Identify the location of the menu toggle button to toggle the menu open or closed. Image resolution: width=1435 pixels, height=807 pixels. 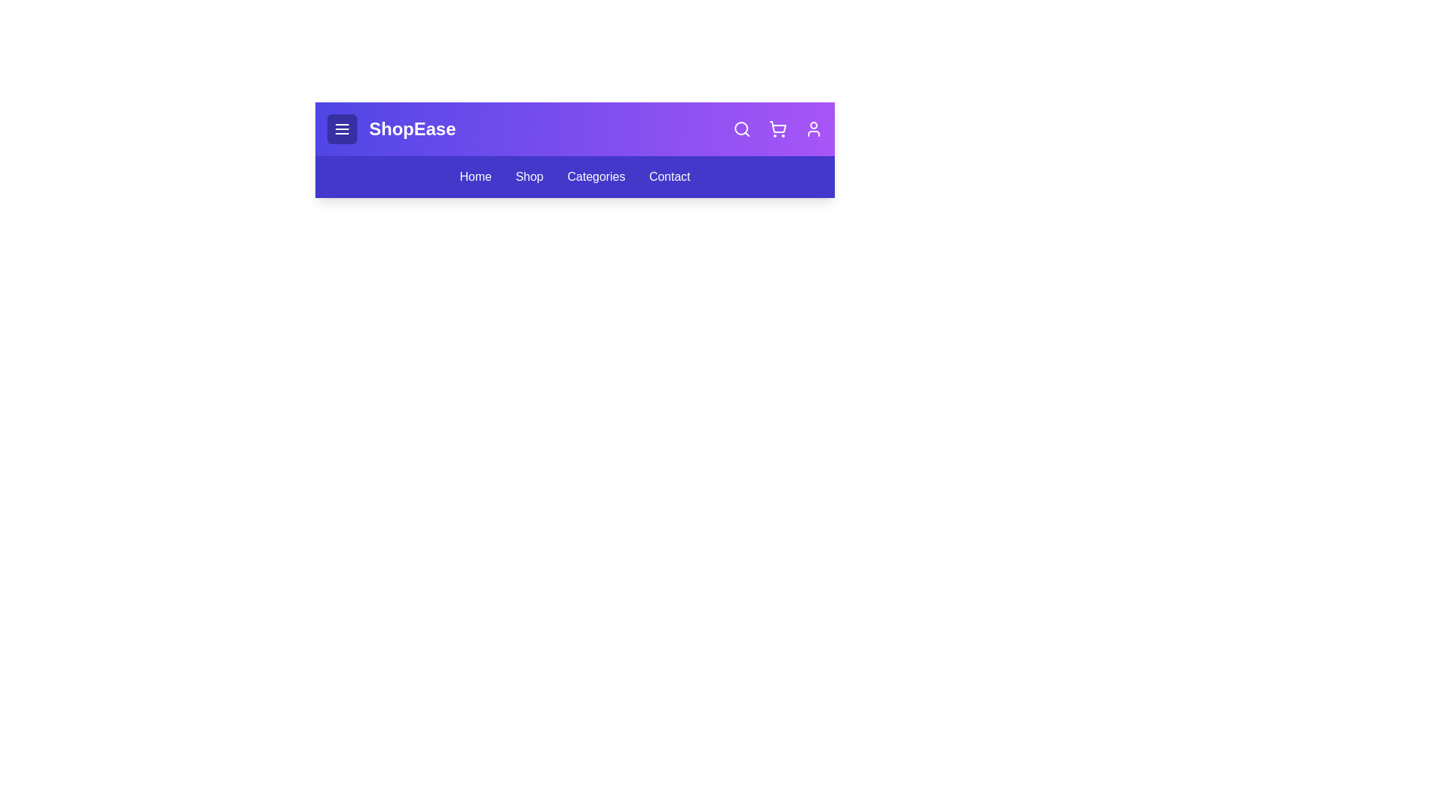
(341, 129).